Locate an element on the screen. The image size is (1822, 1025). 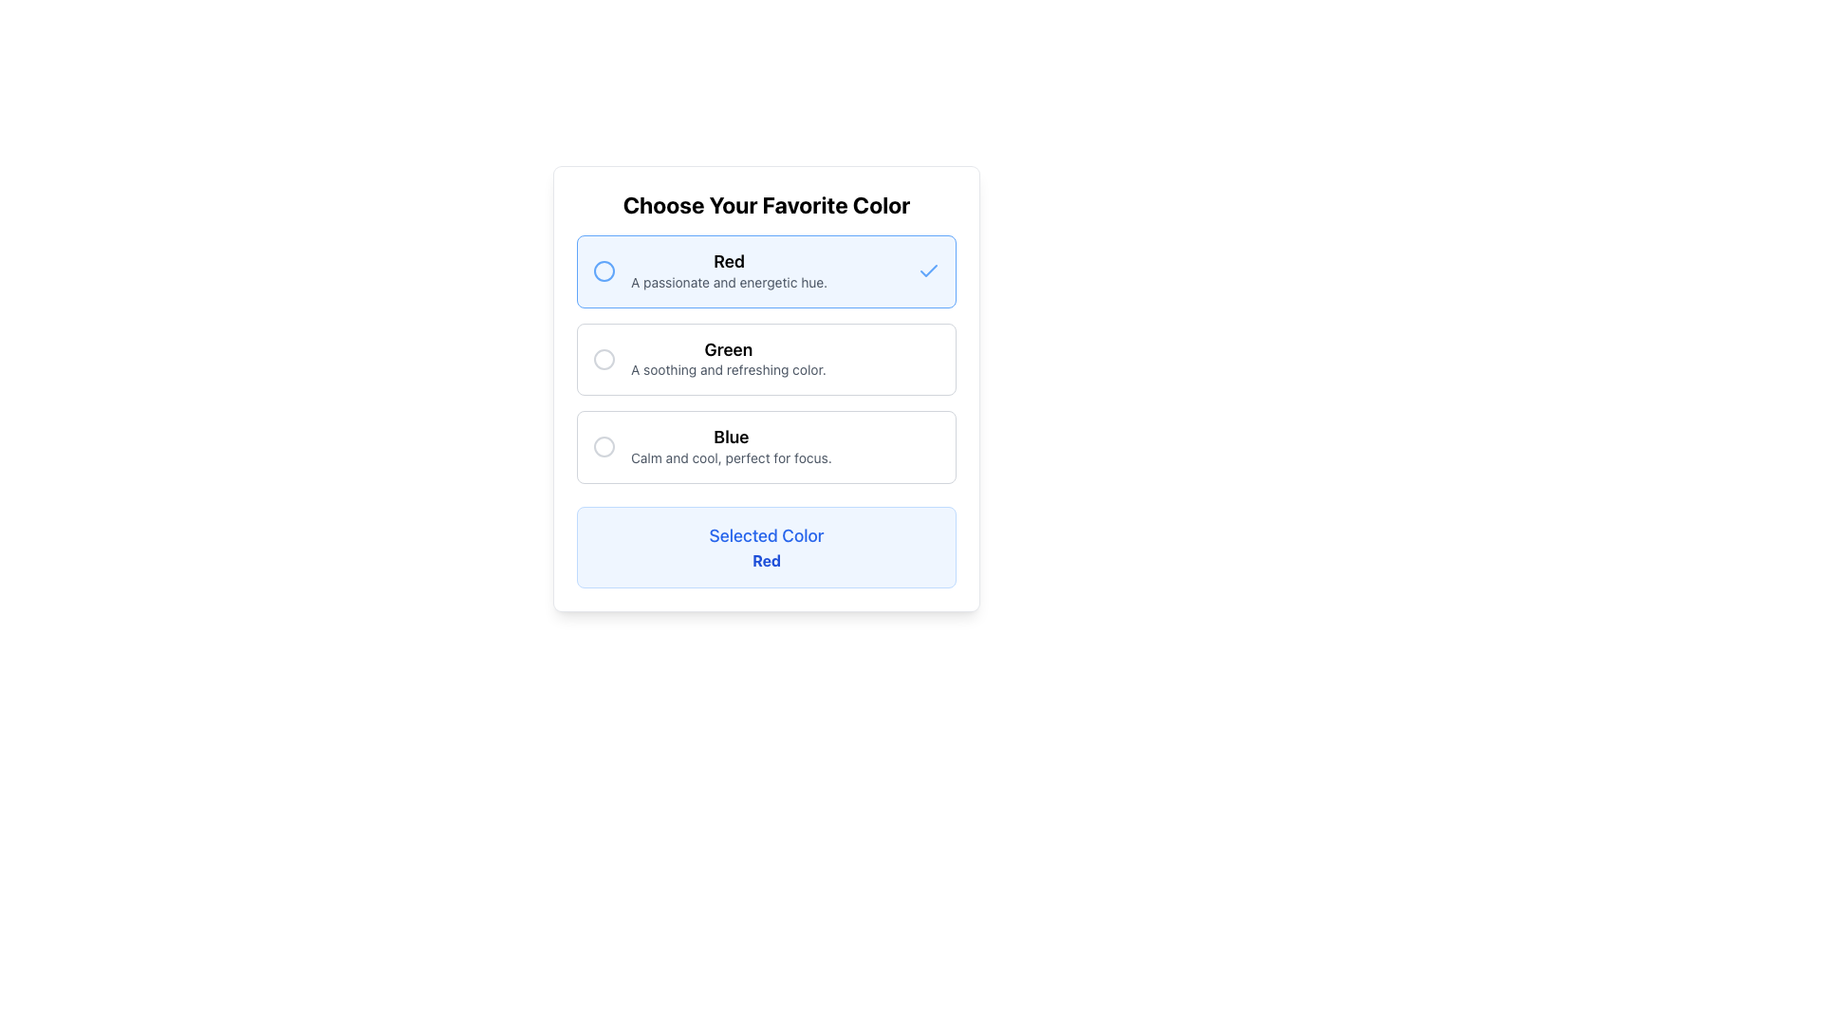
the third selectable option labeled 'Blue' in the vertical list is located at coordinates (766, 446).